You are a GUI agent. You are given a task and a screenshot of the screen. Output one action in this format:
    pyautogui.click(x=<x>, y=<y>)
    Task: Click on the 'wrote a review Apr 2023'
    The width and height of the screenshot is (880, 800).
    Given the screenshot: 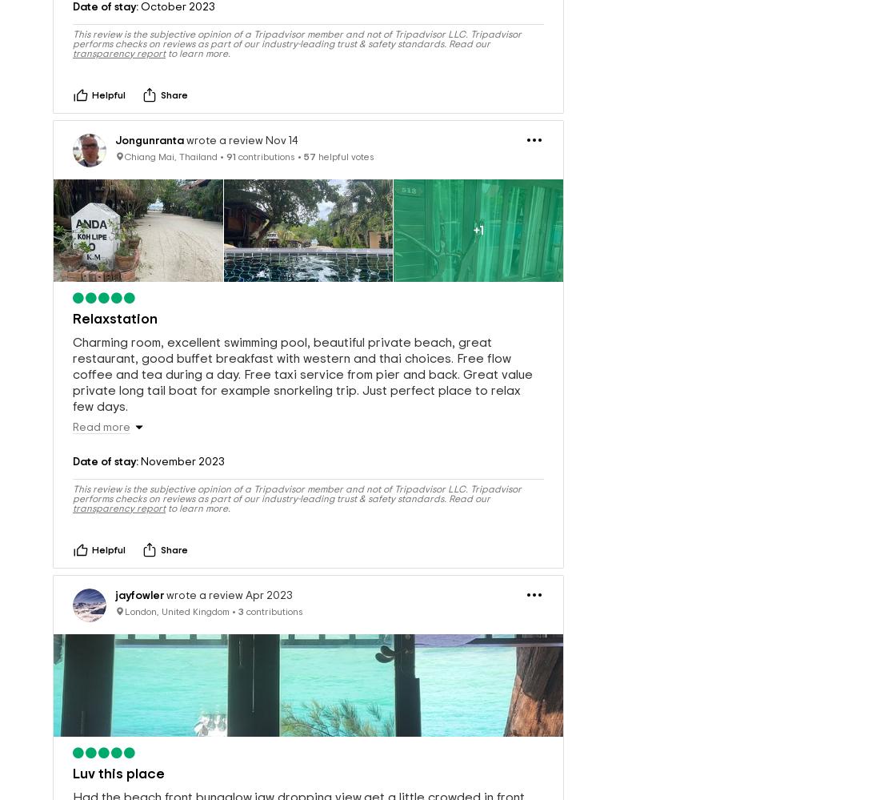 What is the action you would take?
    pyautogui.click(x=227, y=569)
    